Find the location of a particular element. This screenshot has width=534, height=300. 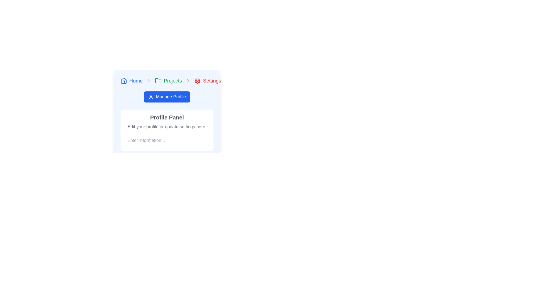

the title text element located at the top-center of the white panel with rounded corners and shadow effect is located at coordinates (167, 117).